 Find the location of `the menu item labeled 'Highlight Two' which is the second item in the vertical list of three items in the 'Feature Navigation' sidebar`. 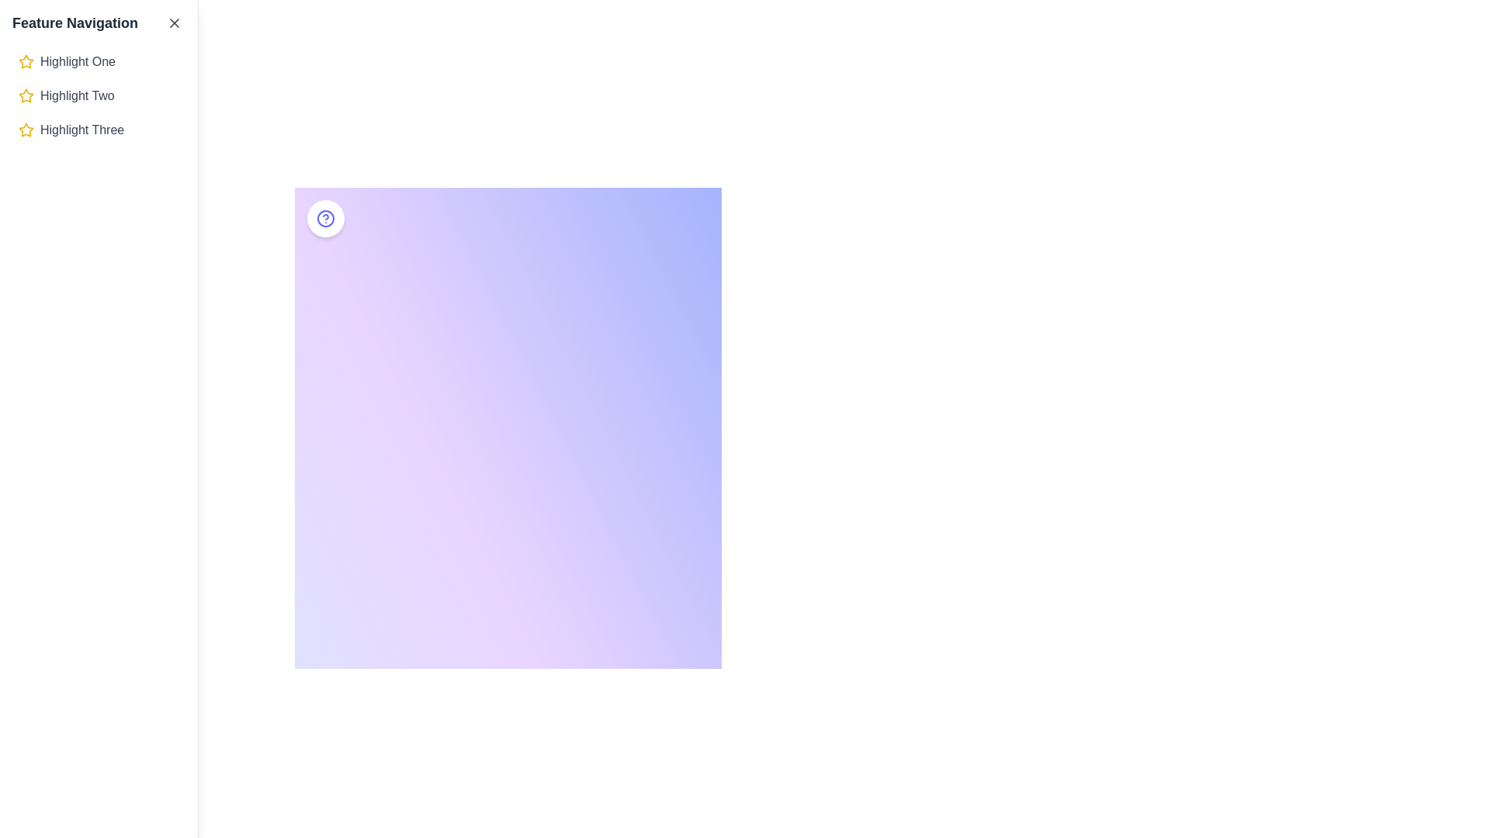

the menu item labeled 'Highlight Two' which is the second item in the vertical list of three items in the 'Feature Navigation' sidebar is located at coordinates (98, 95).